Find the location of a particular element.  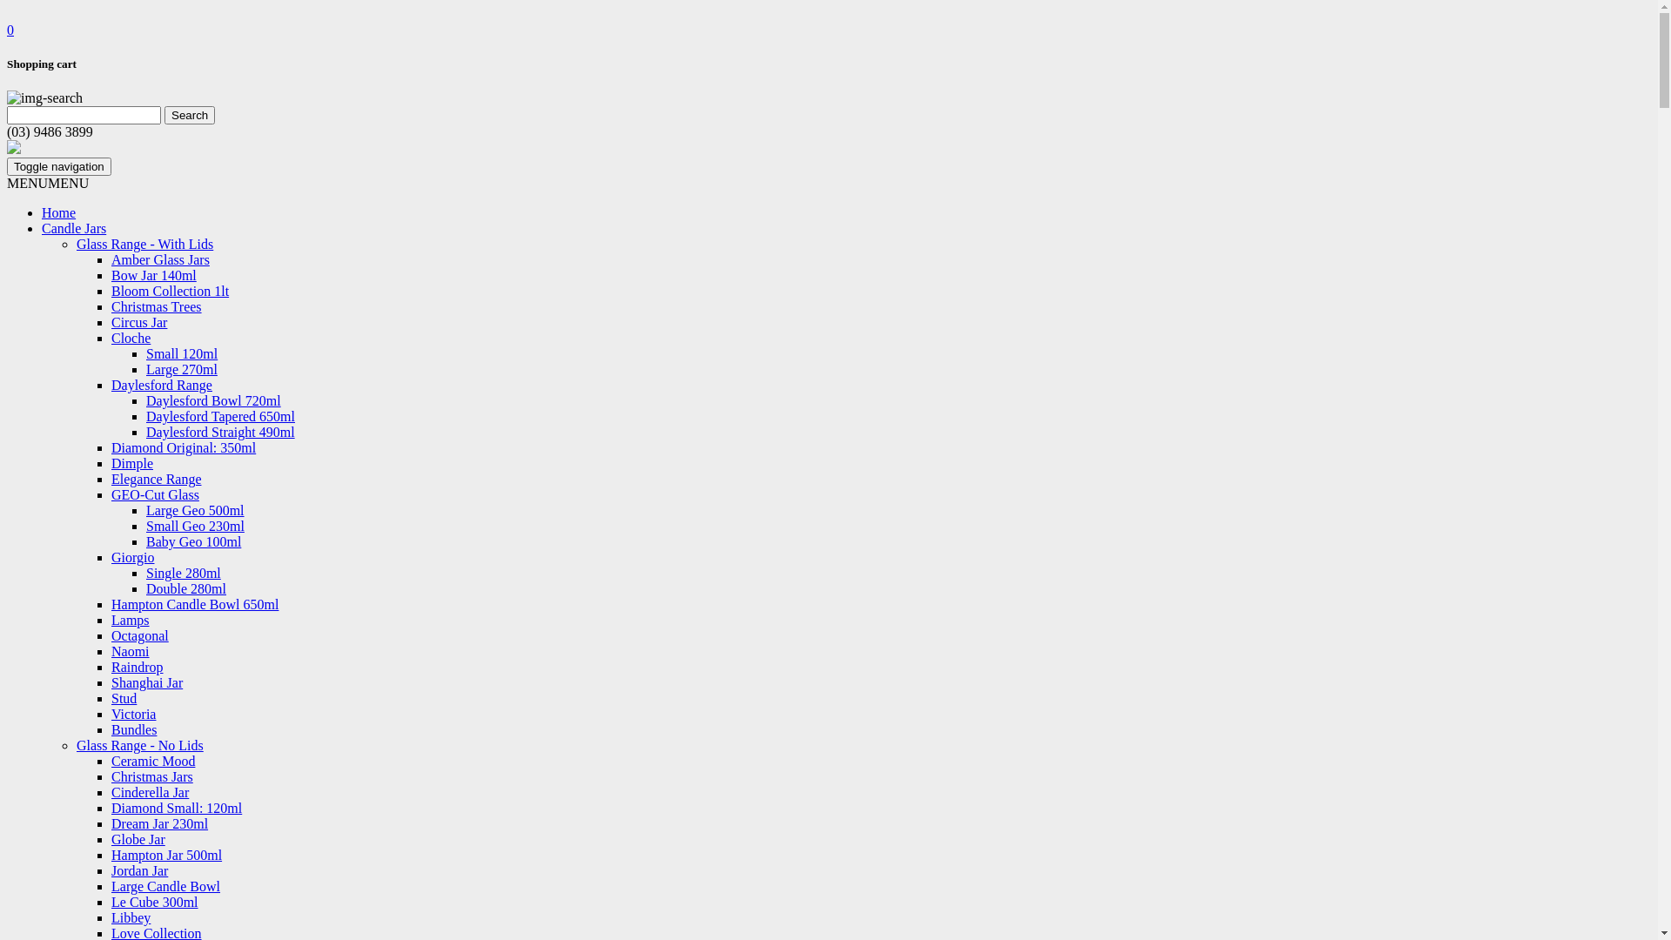

'Small 120ml' is located at coordinates (182, 352).